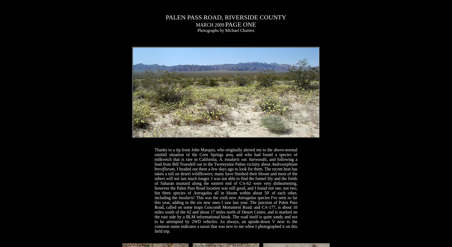 This screenshot has height=247, width=452. What do you see at coordinates (241, 24) in the screenshot?
I see `'PAGE ONE'` at bounding box center [241, 24].